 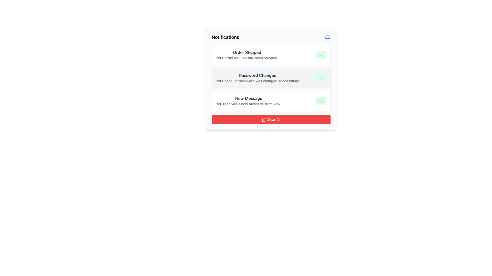 What do you see at coordinates (258, 80) in the screenshot?
I see `text from the text label that informs the user about the successful change of their account password, located below the header 'Password Changed' in the second notification card` at bounding box center [258, 80].